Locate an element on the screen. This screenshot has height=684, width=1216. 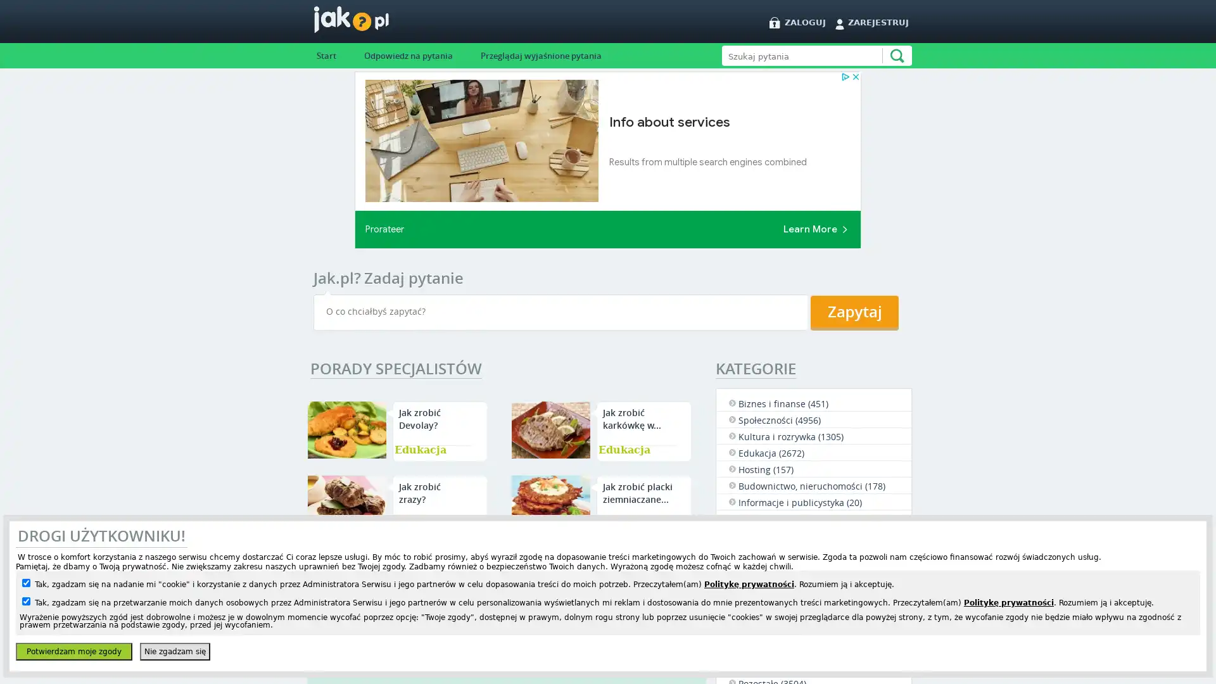
Szukaj is located at coordinates (736, 77).